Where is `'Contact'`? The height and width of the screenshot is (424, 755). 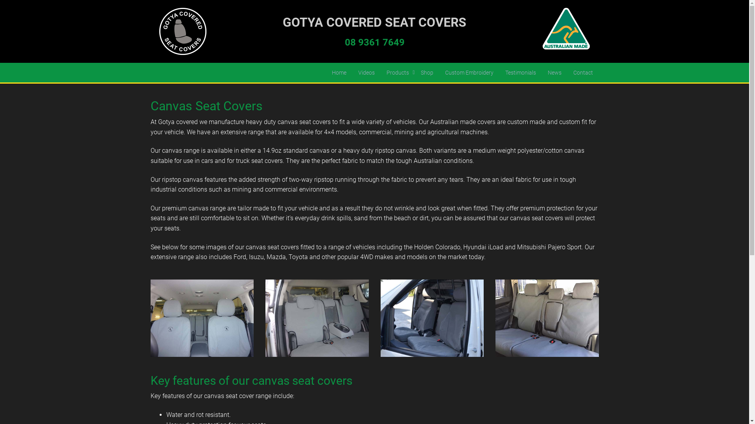
'Contact' is located at coordinates (583, 73).